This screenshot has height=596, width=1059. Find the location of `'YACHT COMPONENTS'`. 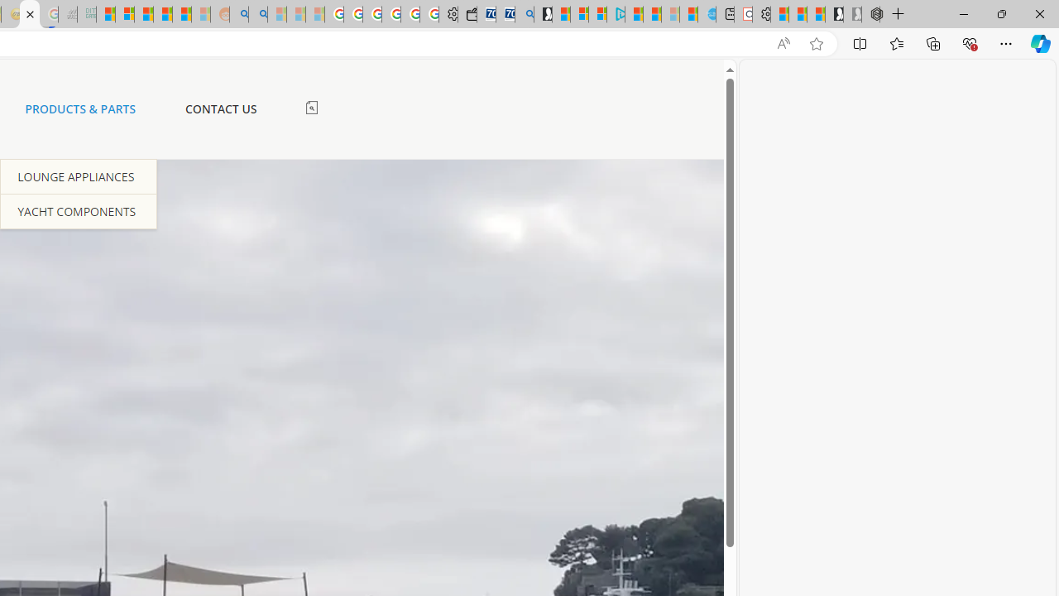

'YACHT COMPONENTS' is located at coordinates (78, 209).